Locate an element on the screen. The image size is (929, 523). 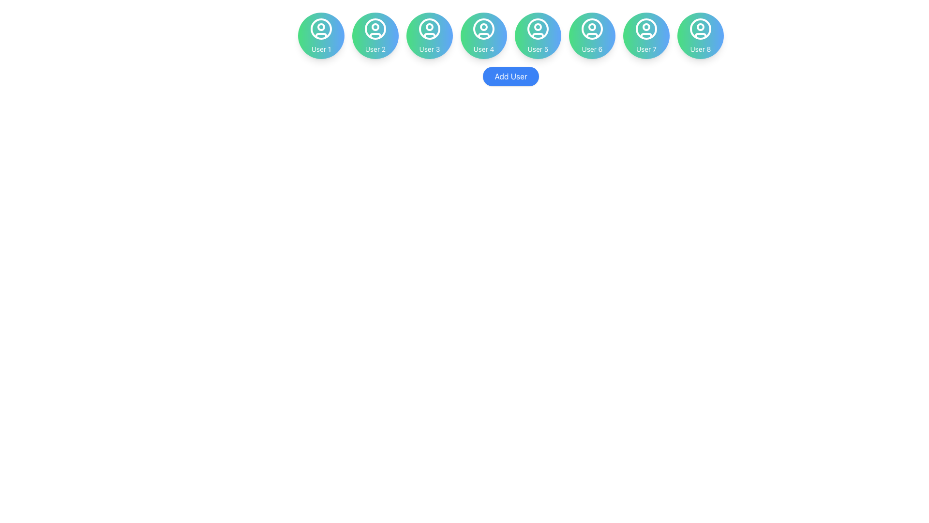
the circular button labeled 'User 7' with a green-to-blue gradient background and a user icon above the text, located near the top right of the interface is located at coordinates (646, 35).